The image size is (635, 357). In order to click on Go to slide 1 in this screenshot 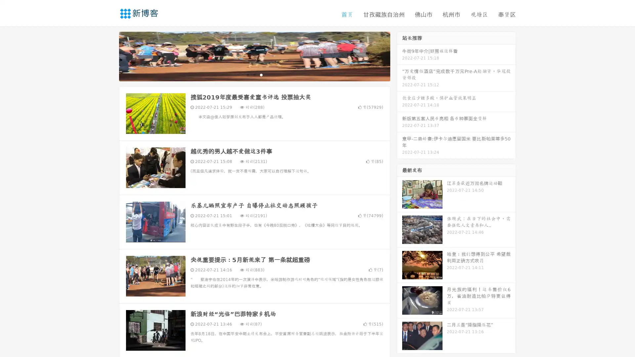, I will do `click(247, 74)`.